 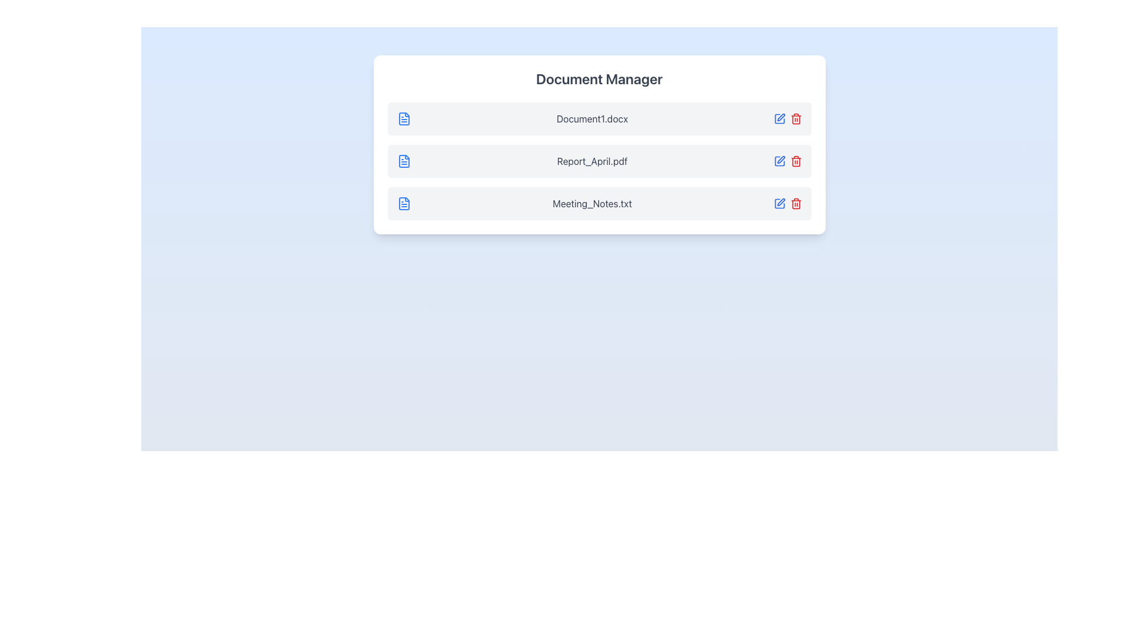 What do you see at coordinates (796, 203) in the screenshot?
I see `the trash can icon, which is a red-outlined graphic` at bounding box center [796, 203].